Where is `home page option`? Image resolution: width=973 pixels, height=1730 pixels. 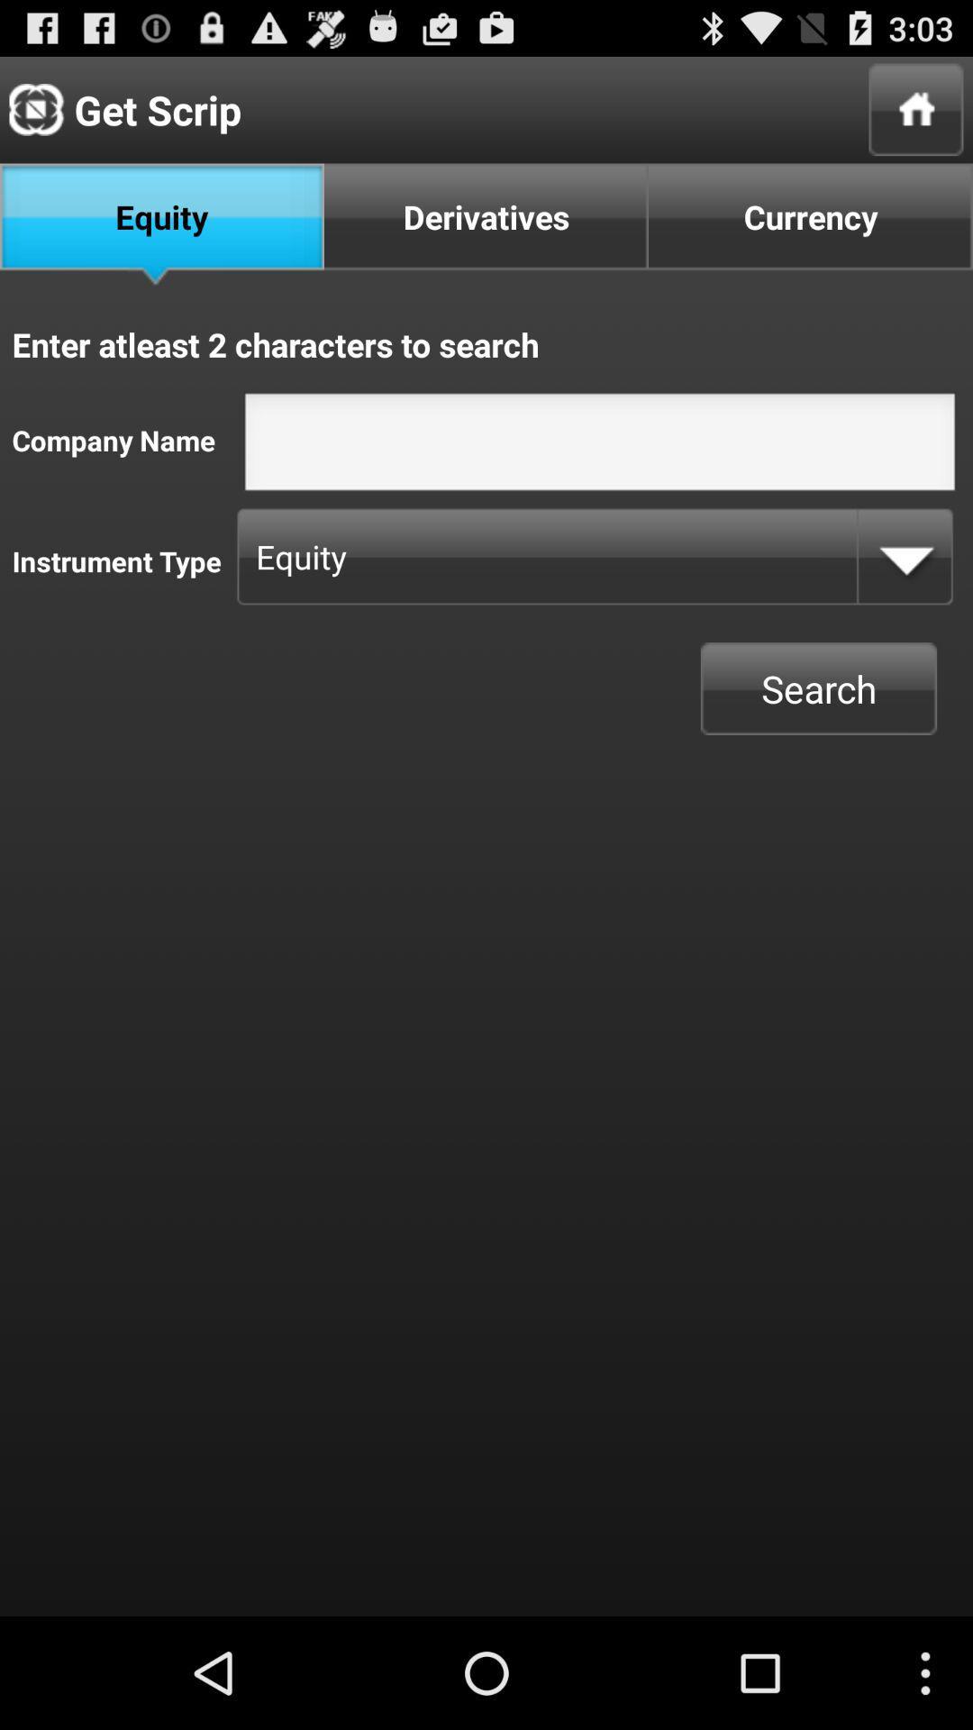 home page option is located at coordinates (916, 108).